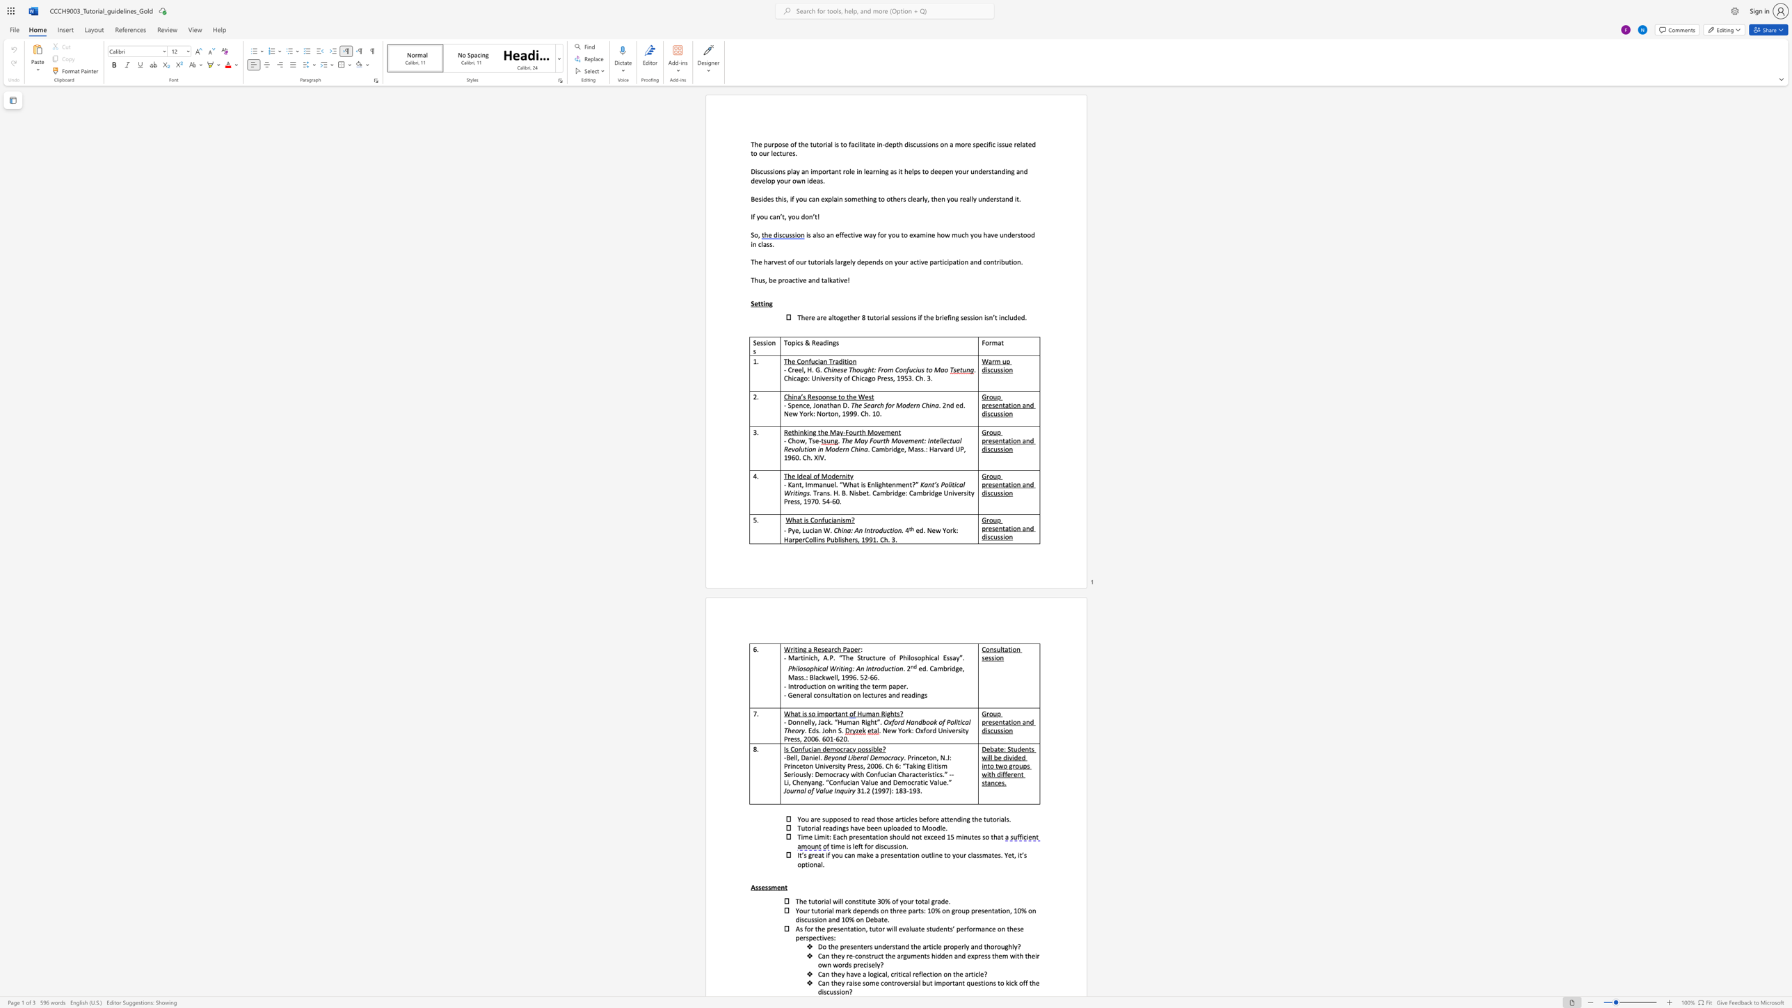 The height and width of the screenshot is (1008, 1792). I want to click on the subset text "Immanuel. “What is Enl" within the text "- Kant, Immanuel. “What is Enlightenment?”", so click(804, 484).